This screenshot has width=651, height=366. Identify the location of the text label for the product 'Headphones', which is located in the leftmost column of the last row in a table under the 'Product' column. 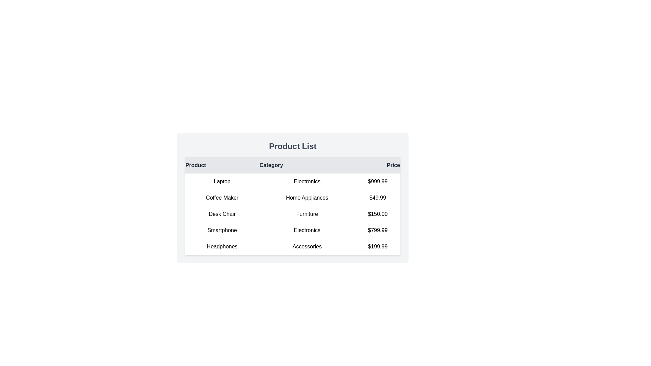
(222, 247).